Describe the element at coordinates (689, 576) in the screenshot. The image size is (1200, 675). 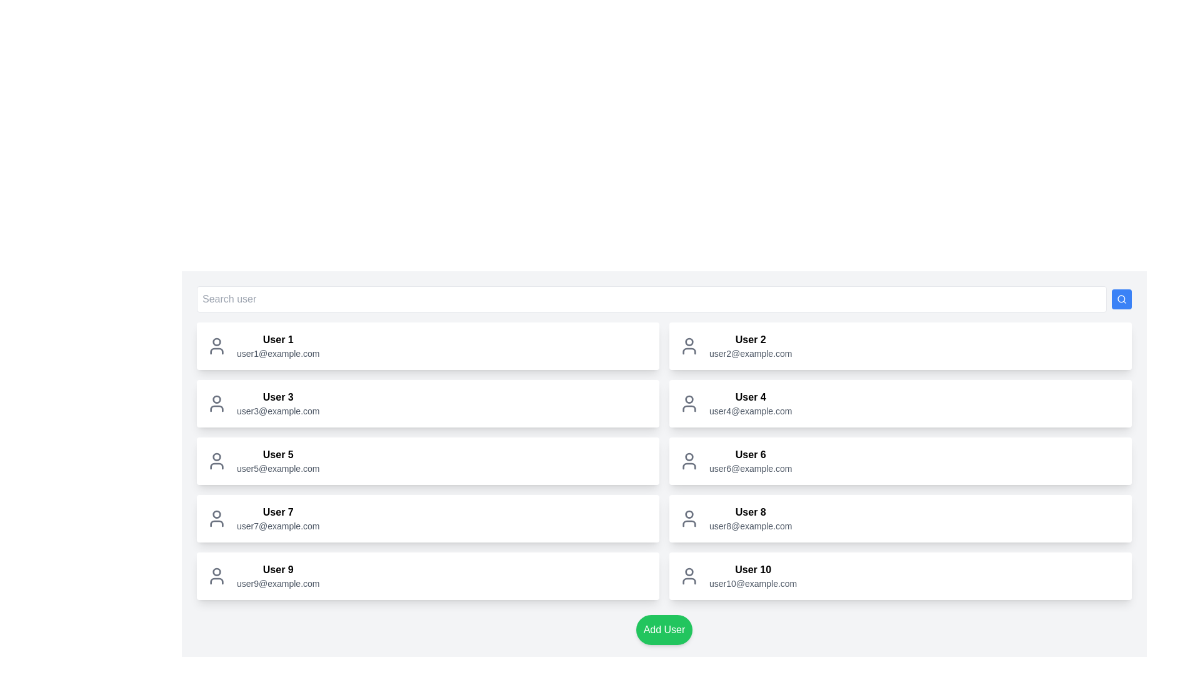
I see `the User Icon representing 'User 10' located in the top-left area of the user card` at that location.